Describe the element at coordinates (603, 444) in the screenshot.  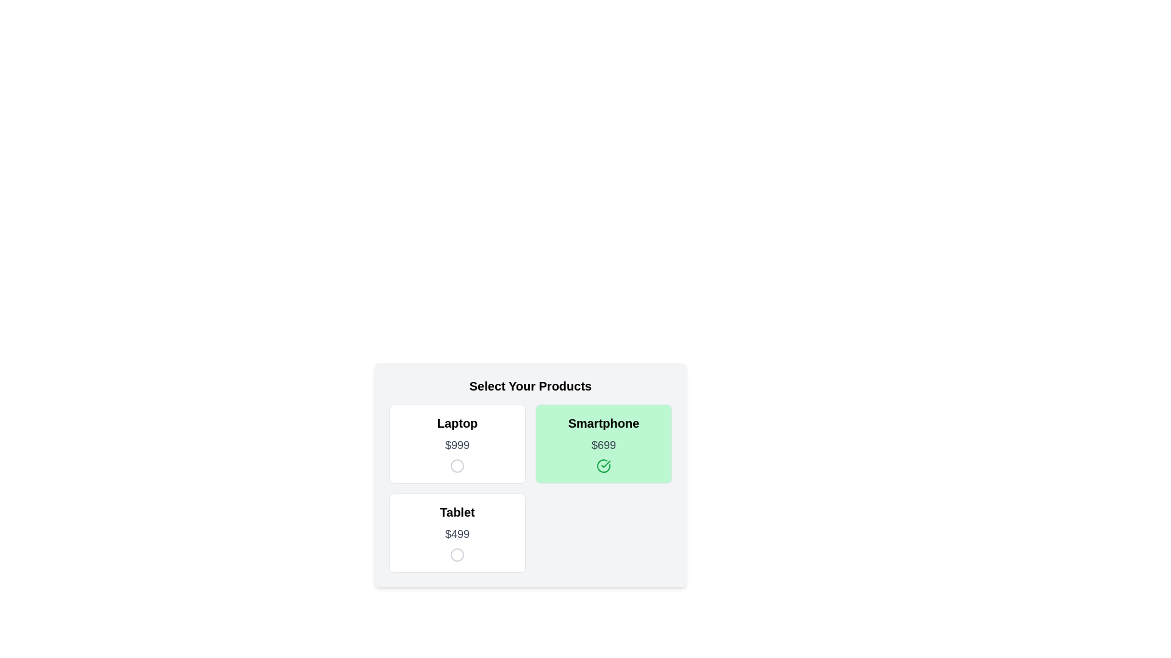
I see `the product card for Smartphone` at that location.